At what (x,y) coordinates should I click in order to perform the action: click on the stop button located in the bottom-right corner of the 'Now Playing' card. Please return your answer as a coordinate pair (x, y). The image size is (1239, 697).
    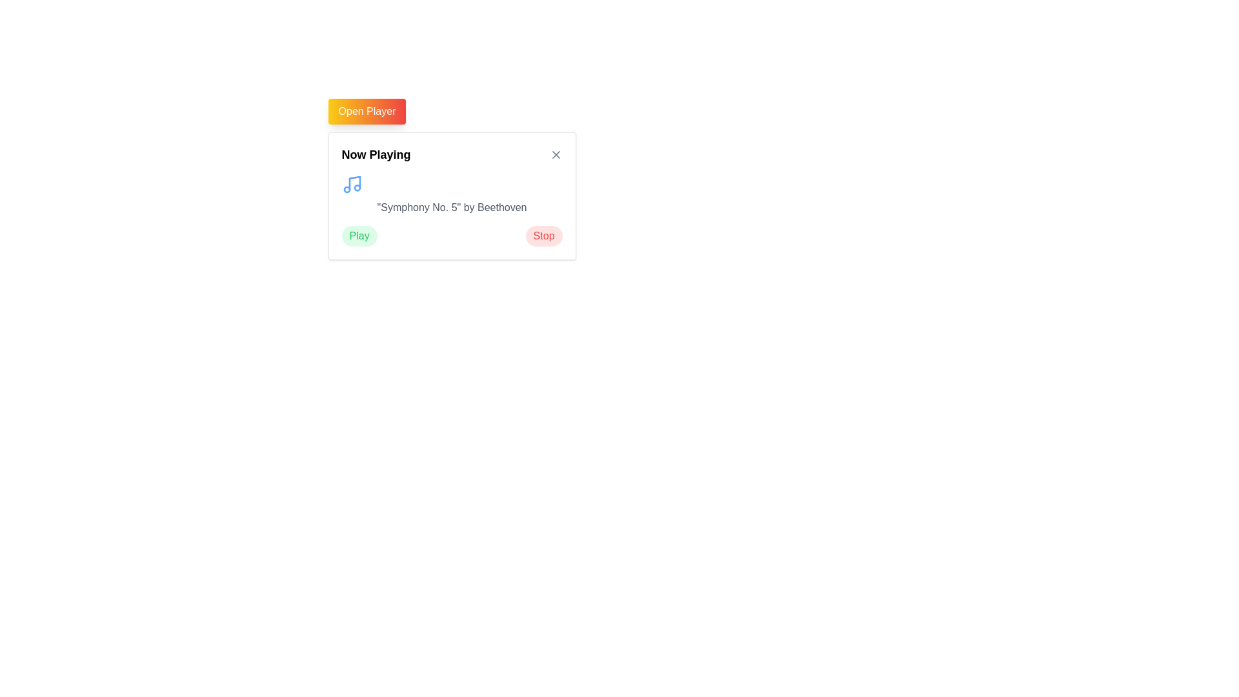
    Looking at the image, I should click on (544, 236).